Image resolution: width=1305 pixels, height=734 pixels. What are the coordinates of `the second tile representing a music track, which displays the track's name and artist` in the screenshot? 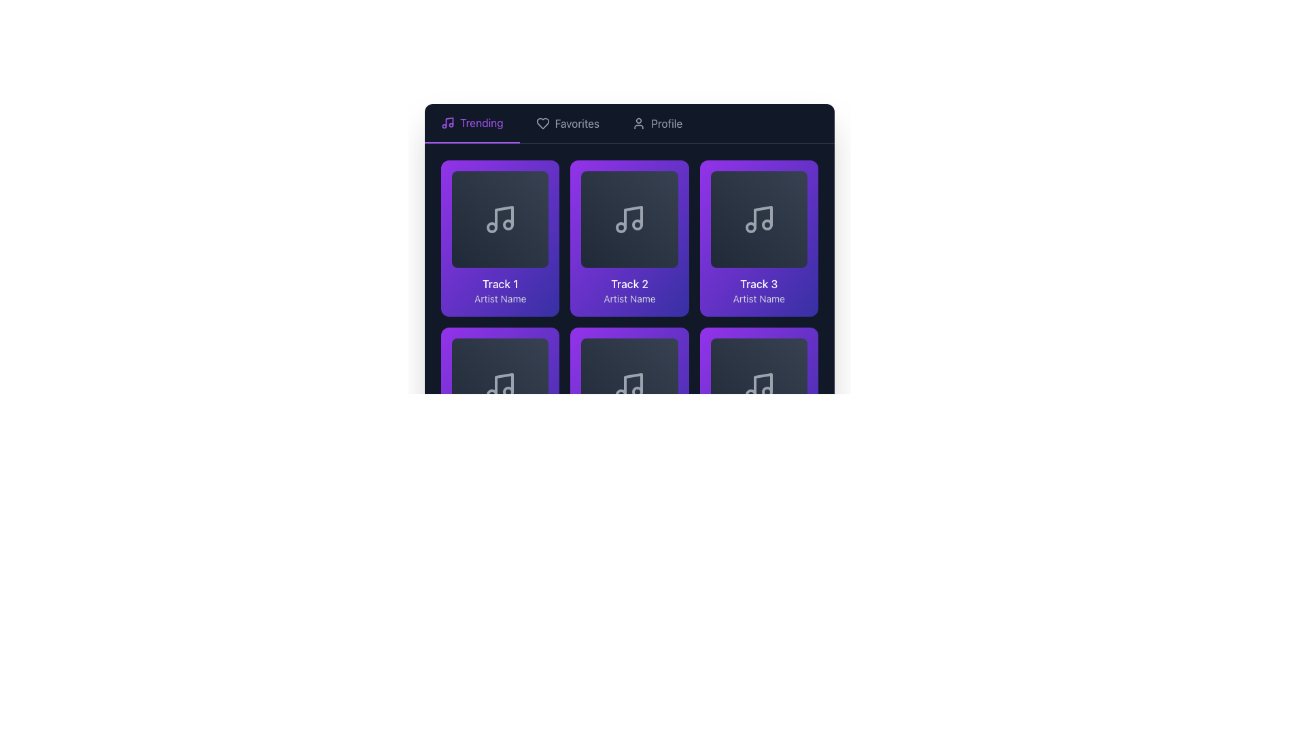 It's located at (629, 238).